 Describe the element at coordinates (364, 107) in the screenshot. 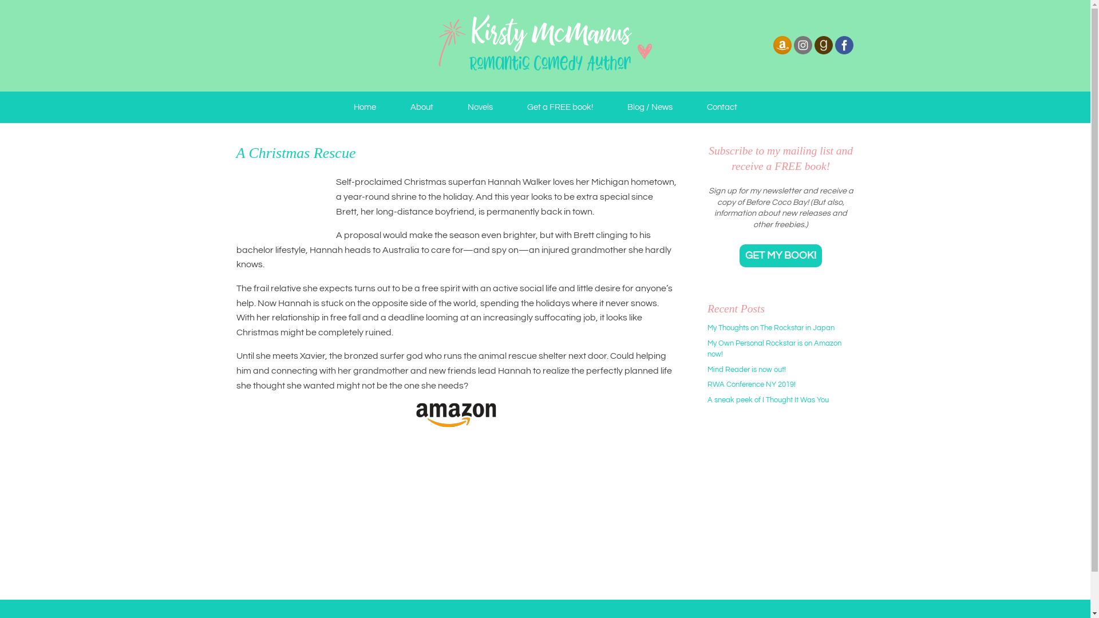

I see `'Home'` at that location.